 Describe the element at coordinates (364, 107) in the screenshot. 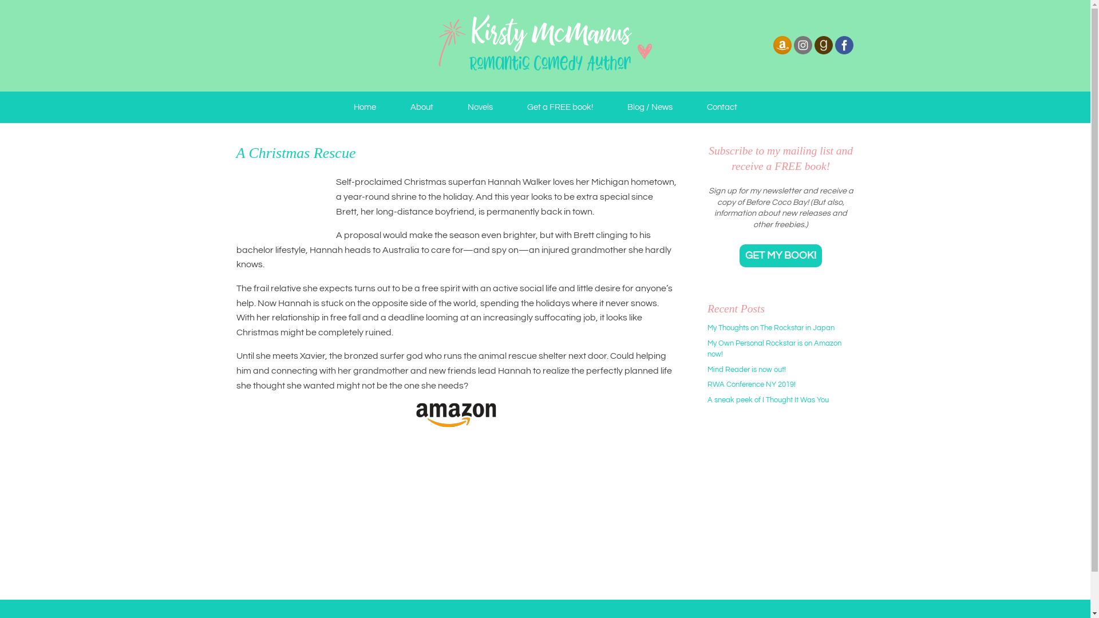

I see `'Home'` at that location.